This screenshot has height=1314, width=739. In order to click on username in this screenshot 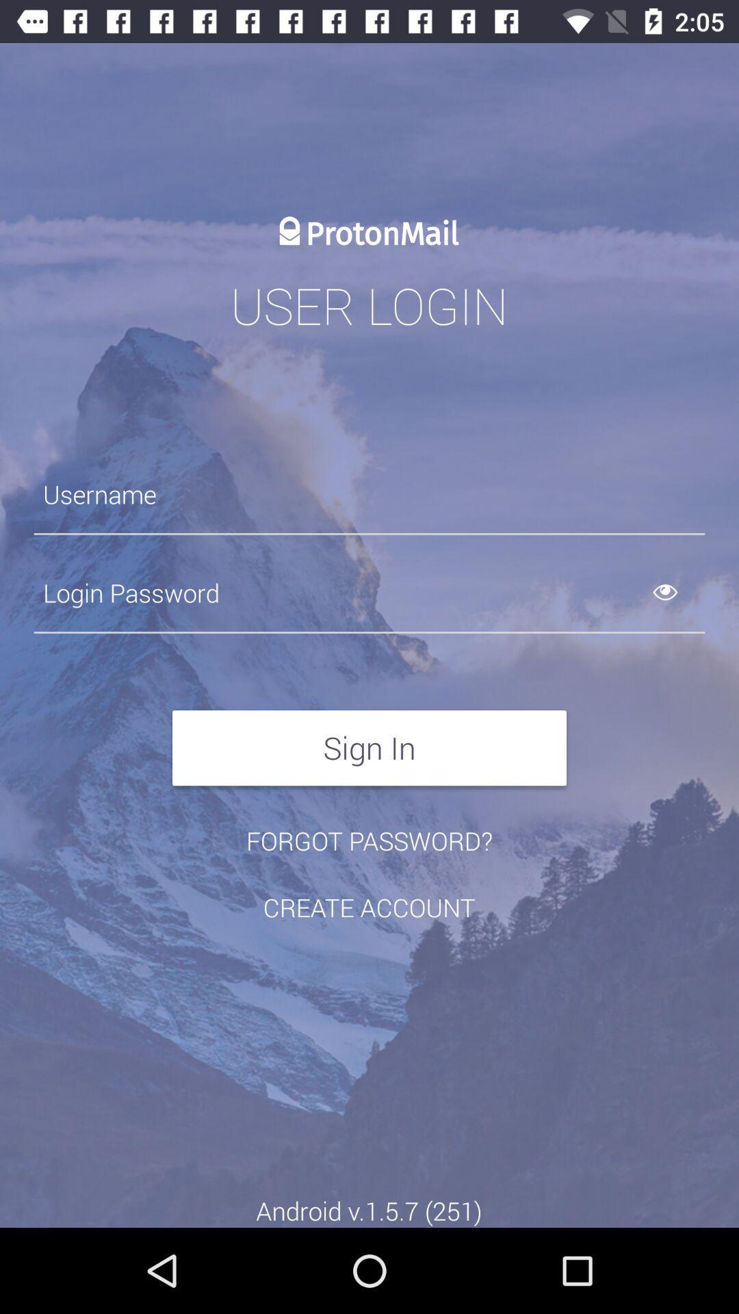, I will do `click(369, 493)`.